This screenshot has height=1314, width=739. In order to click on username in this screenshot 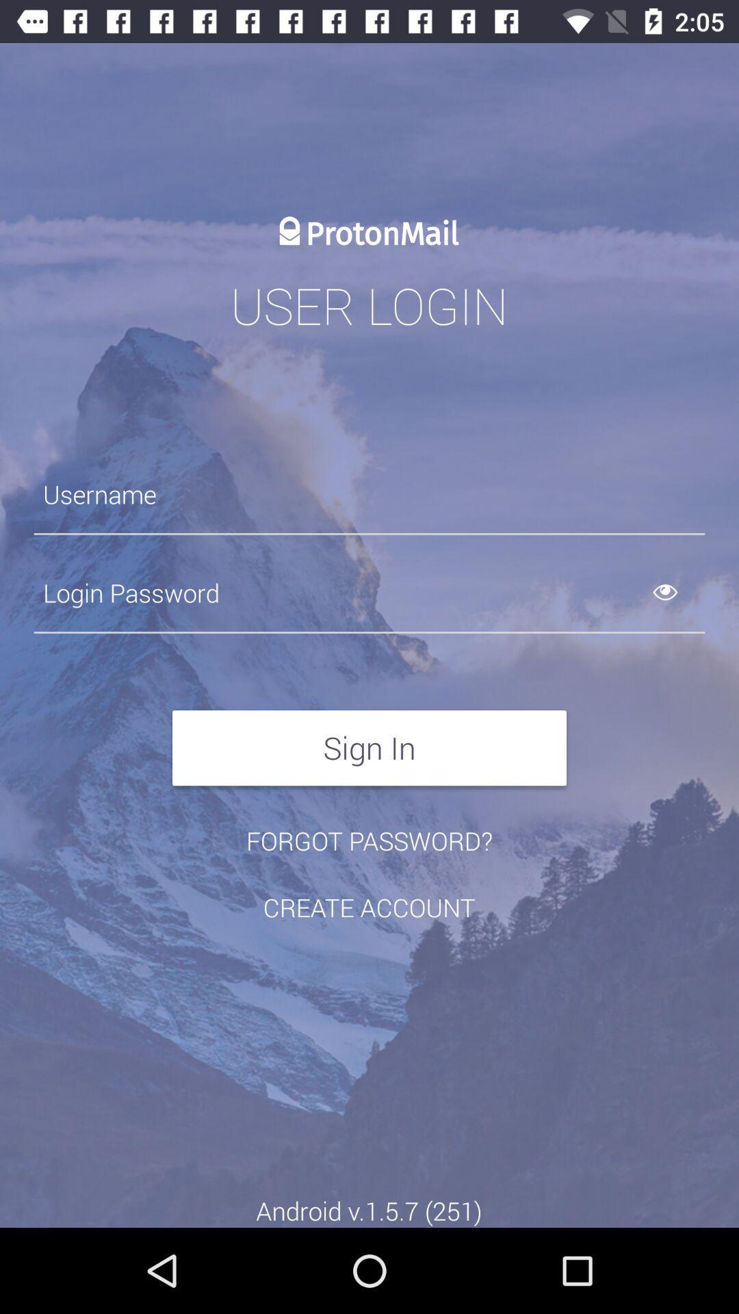, I will do `click(369, 493)`.